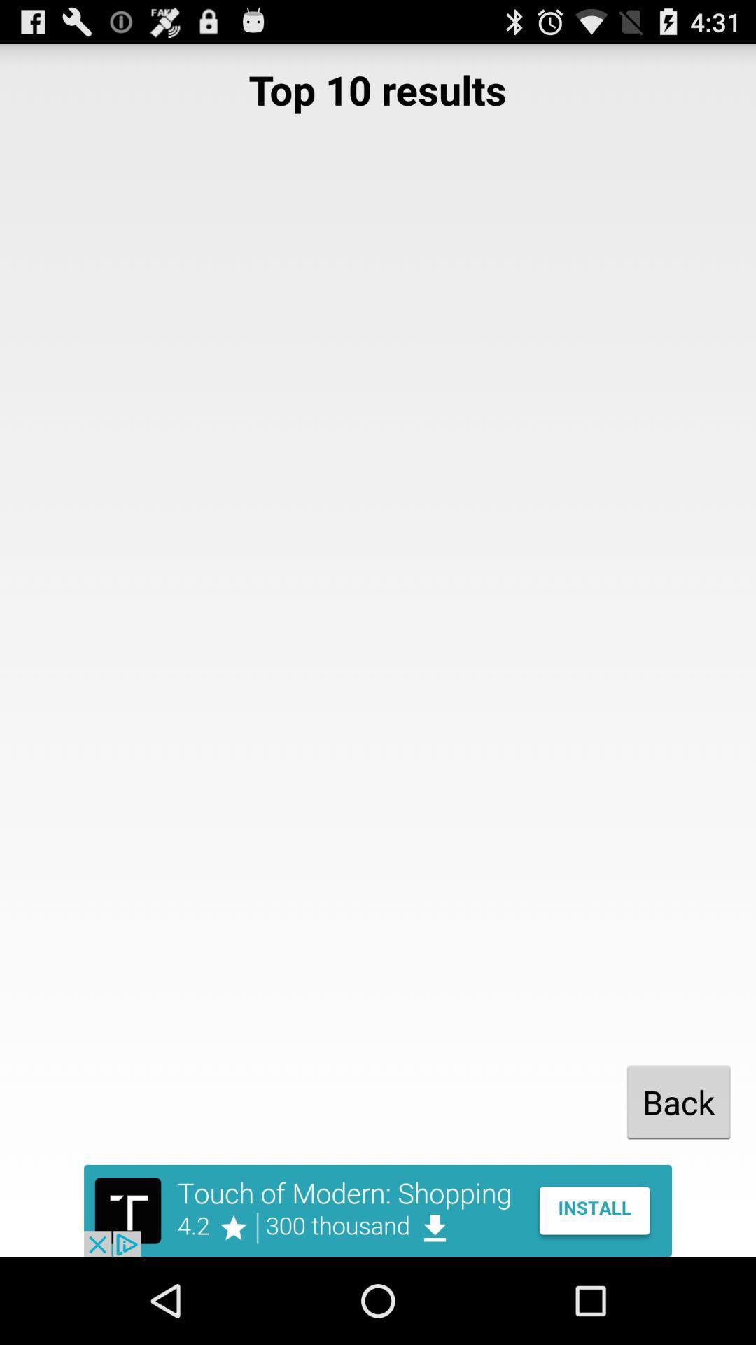 The image size is (756, 1345). What do you see at coordinates (378, 1210) in the screenshot?
I see `advertisement banner` at bounding box center [378, 1210].